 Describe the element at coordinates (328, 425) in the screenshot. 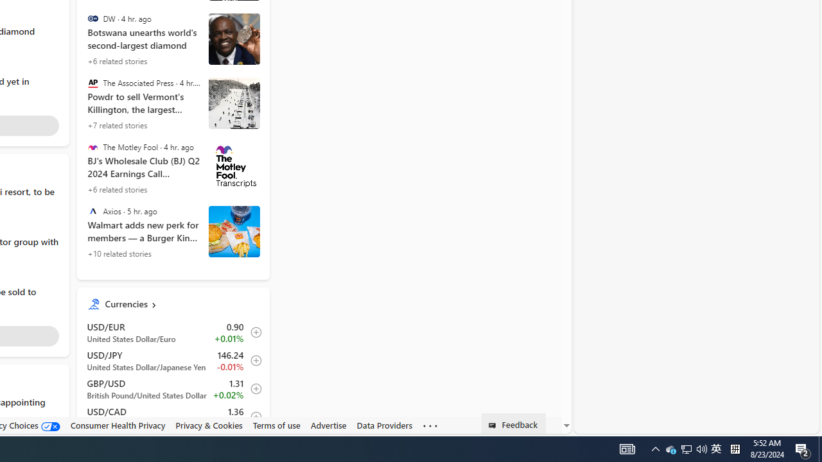

I see `'Advertise'` at that location.